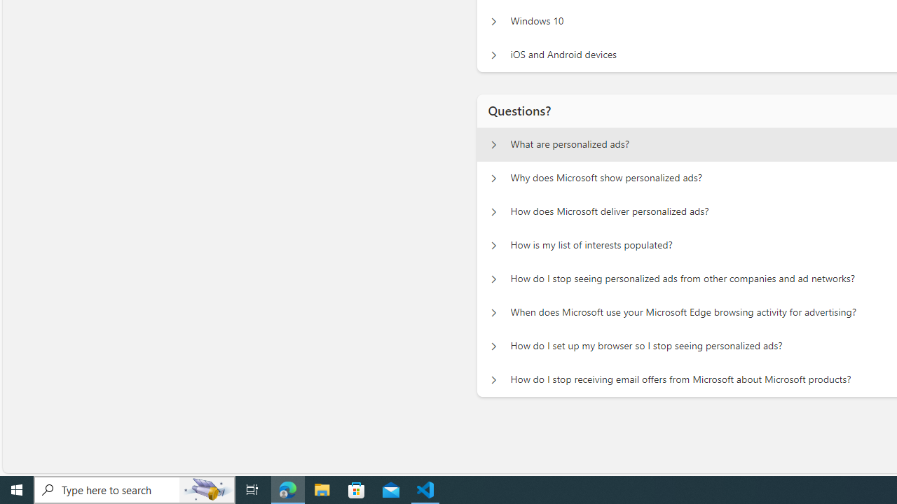 This screenshot has height=504, width=897. Describe the element at coordinates (493, 144) in the screenshot. I see `'Questions? What are personalized ads?'` at that location.